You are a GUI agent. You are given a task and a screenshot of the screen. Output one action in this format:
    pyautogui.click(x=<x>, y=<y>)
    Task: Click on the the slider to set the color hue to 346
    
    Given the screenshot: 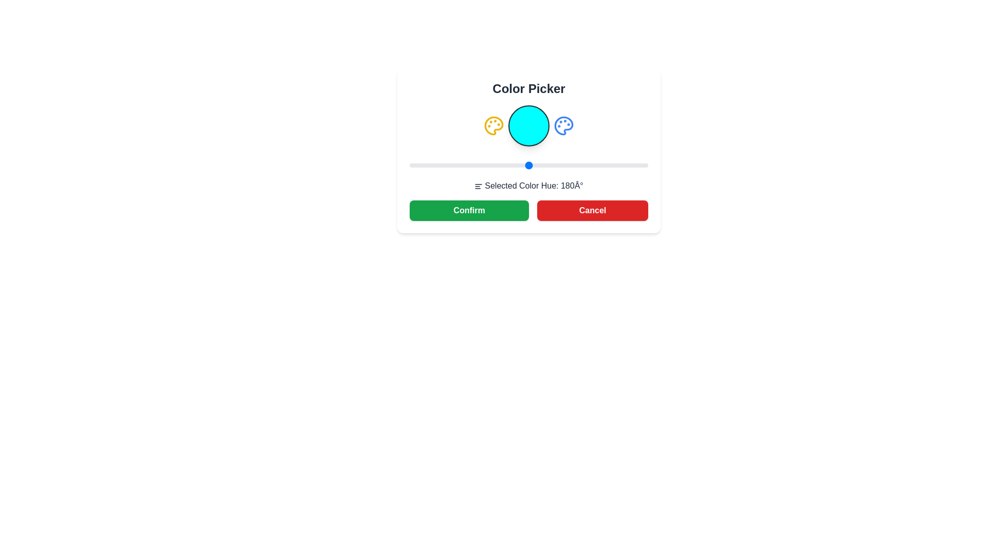 What is the action you would take?
    pyautogui.click(x=638, y=164)
    